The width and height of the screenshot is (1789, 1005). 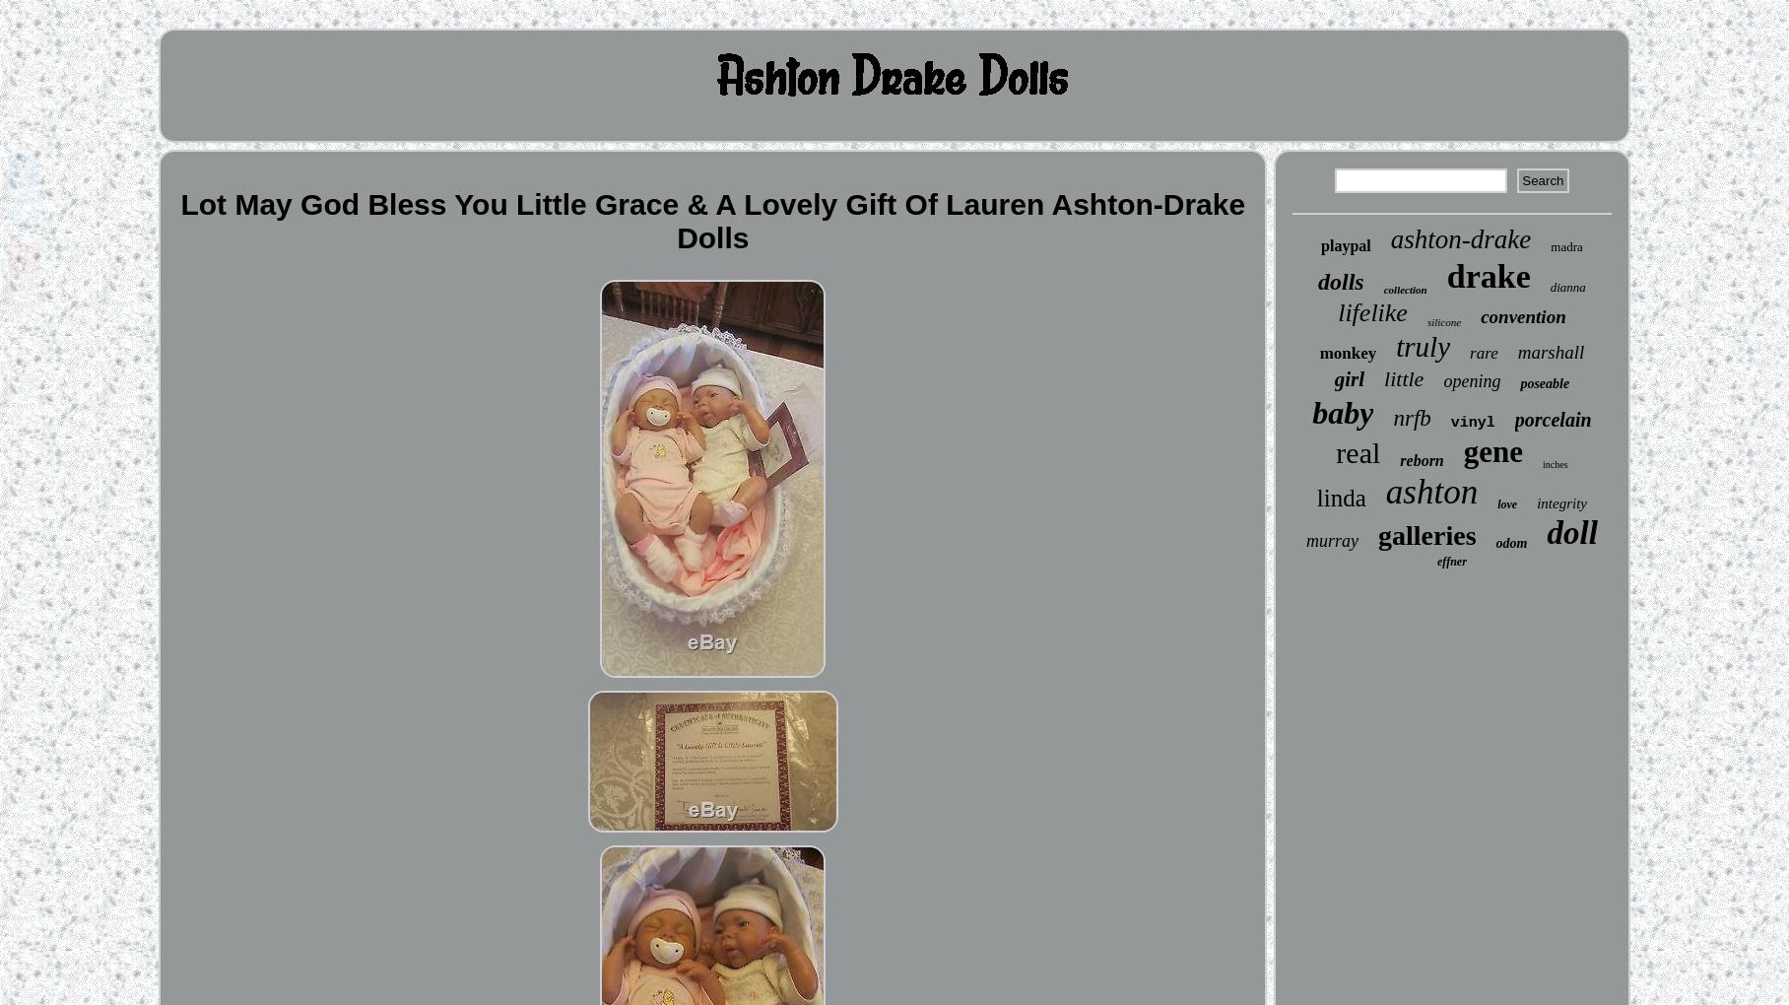 What do you see at coordinates (1349, 379) in the screenshot?
I see `'girl'` at bounding box center [1349, 379].